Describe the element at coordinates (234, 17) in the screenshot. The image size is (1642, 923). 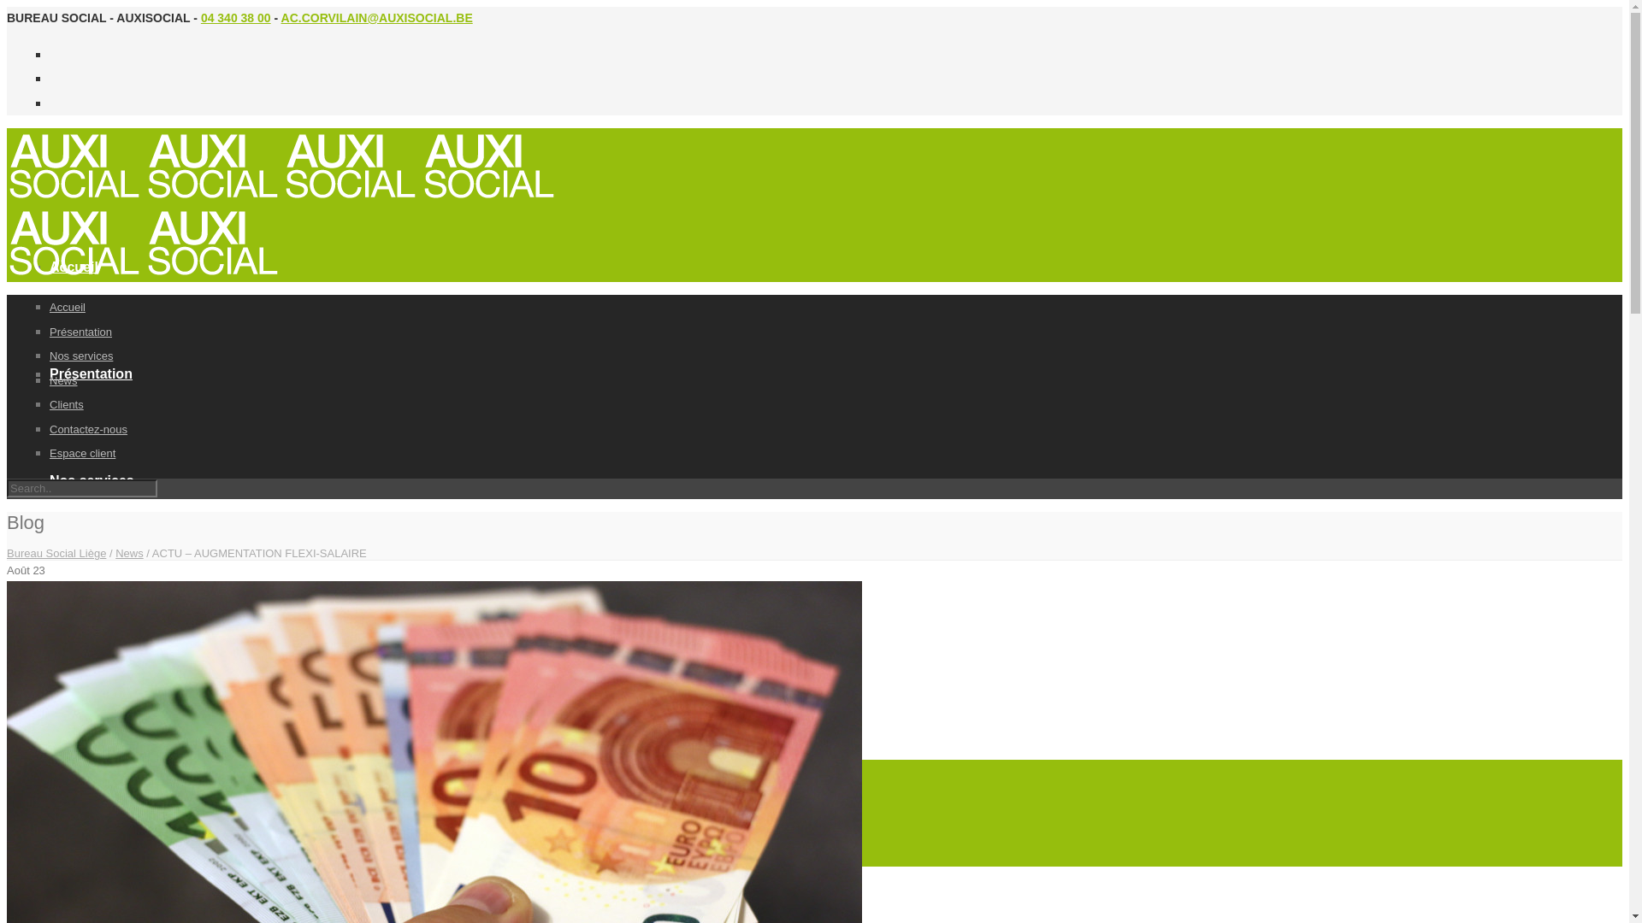
I see `'04 340 38 00'` at that location.